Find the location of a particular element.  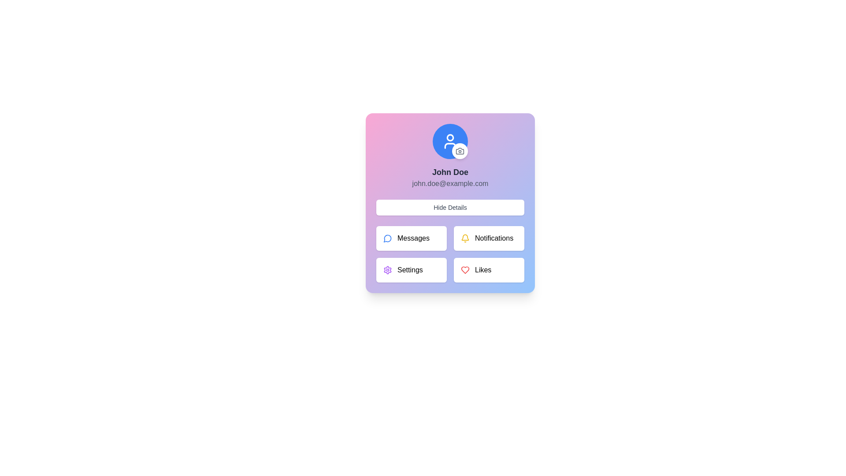

the email address text displaying 'john.doe@example.com', which is styled in gray and located below 'John Doe' in the profile card is located at coordinates (450, 183).